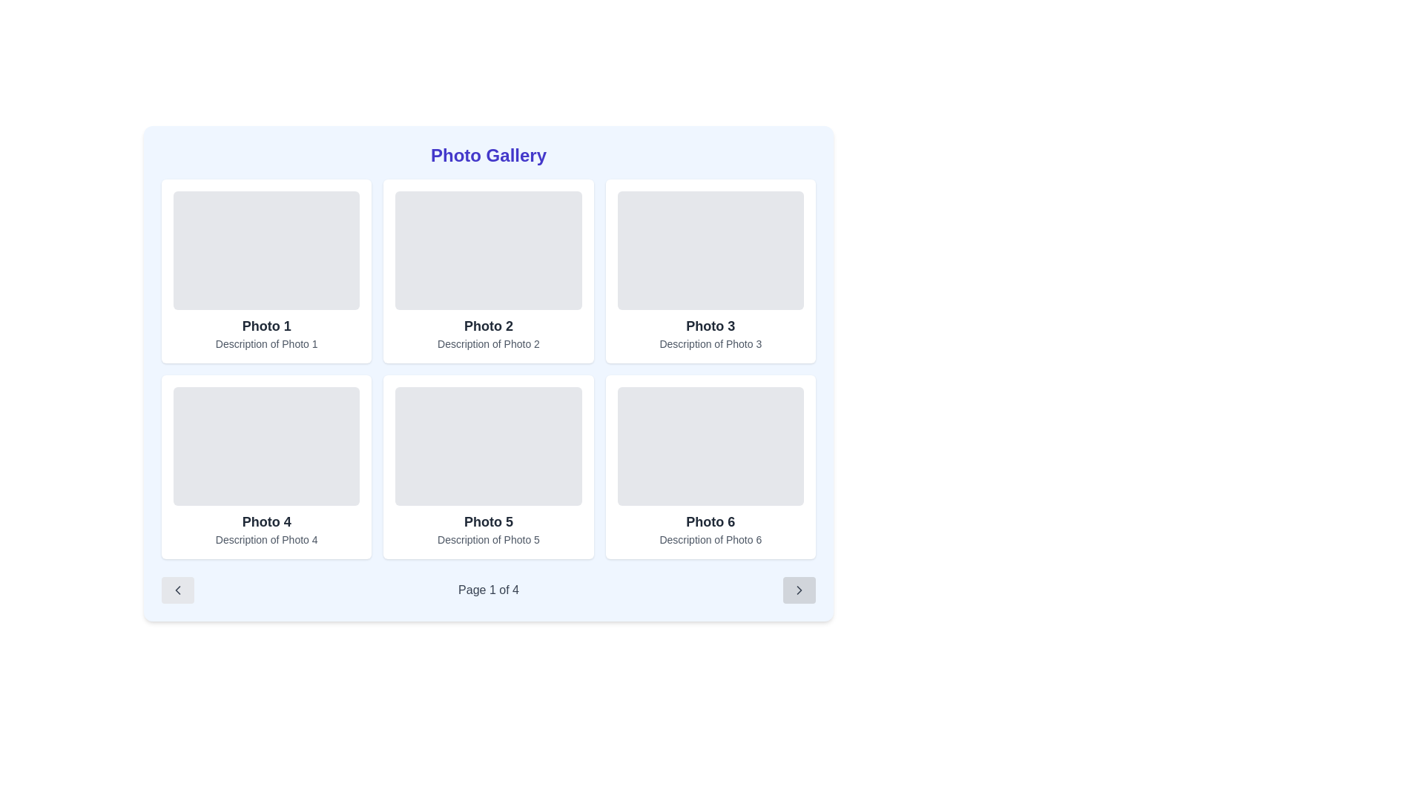 The height and width of the screenshot is (801, 1424). What do you see at coordinates (488, 540) in the screenshot?
I see `the descriptive text label that provides additional information about 'Photo 5', located in the fifth position of the grid layout, below the title 'Photo 5'` at bounding box center [488, 540].